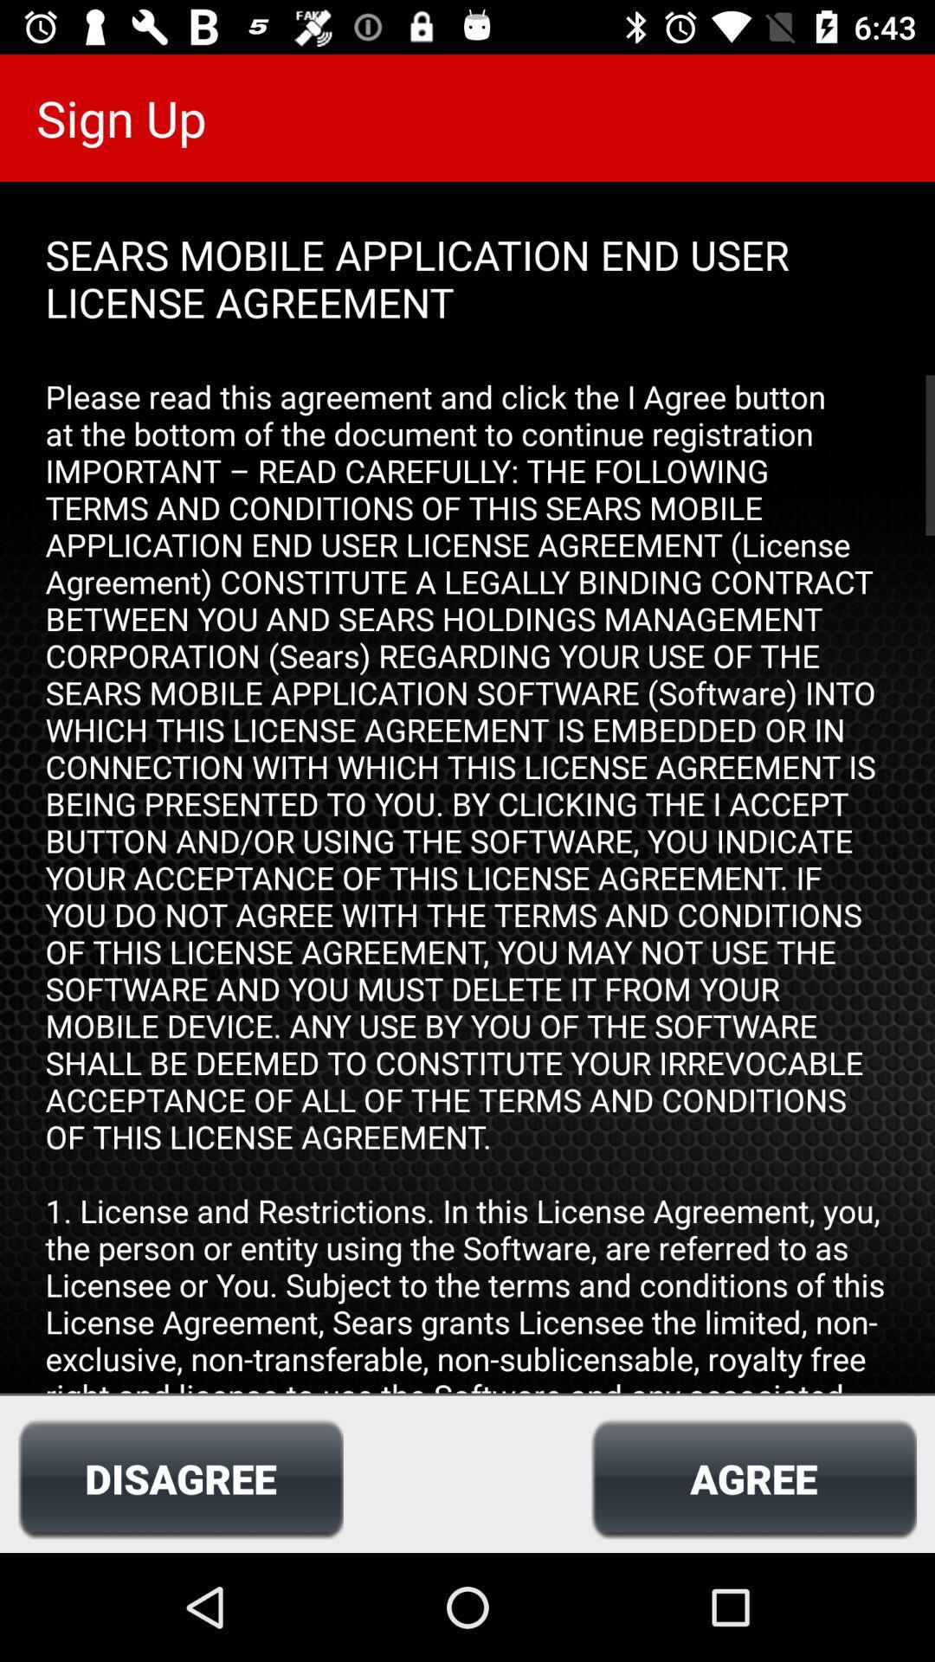 The height and width of the screenshot is (1662, 935). What do you see at coordinates (180, 1478) in the screenshot?
I see `icon to the left of the agree icon` at bounding box center [180, 1478].